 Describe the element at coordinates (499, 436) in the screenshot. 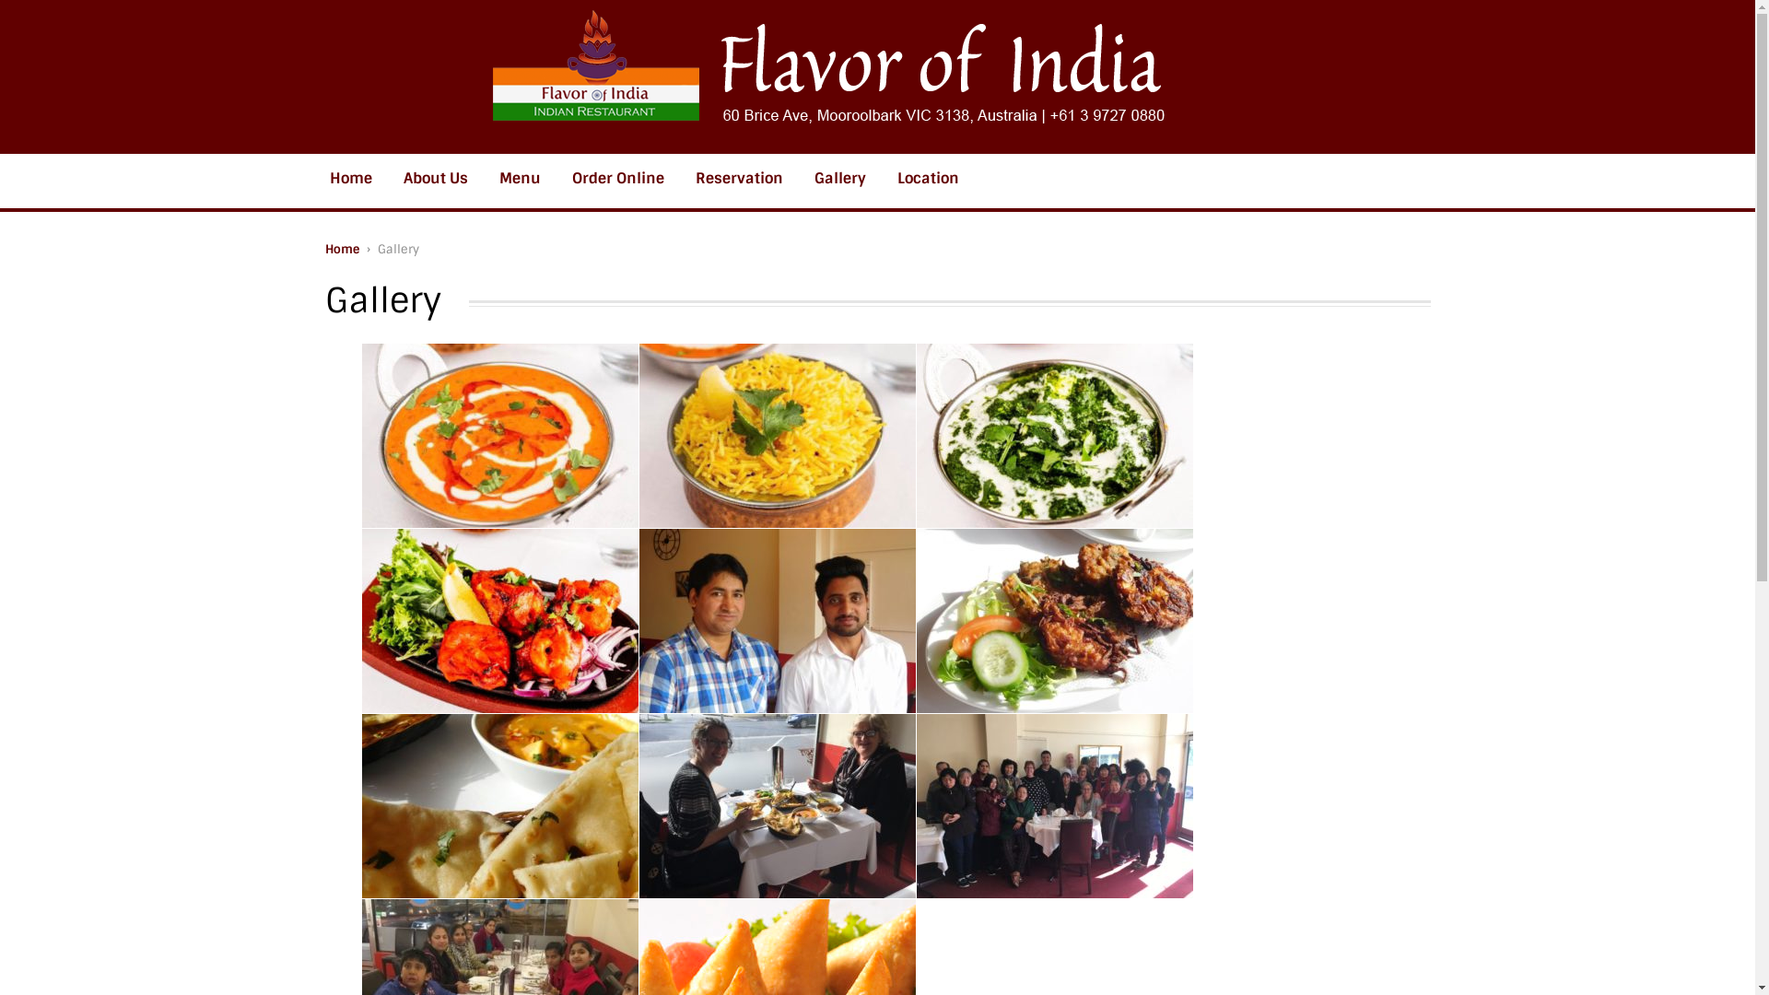

I see `'Image-1'` at that location.